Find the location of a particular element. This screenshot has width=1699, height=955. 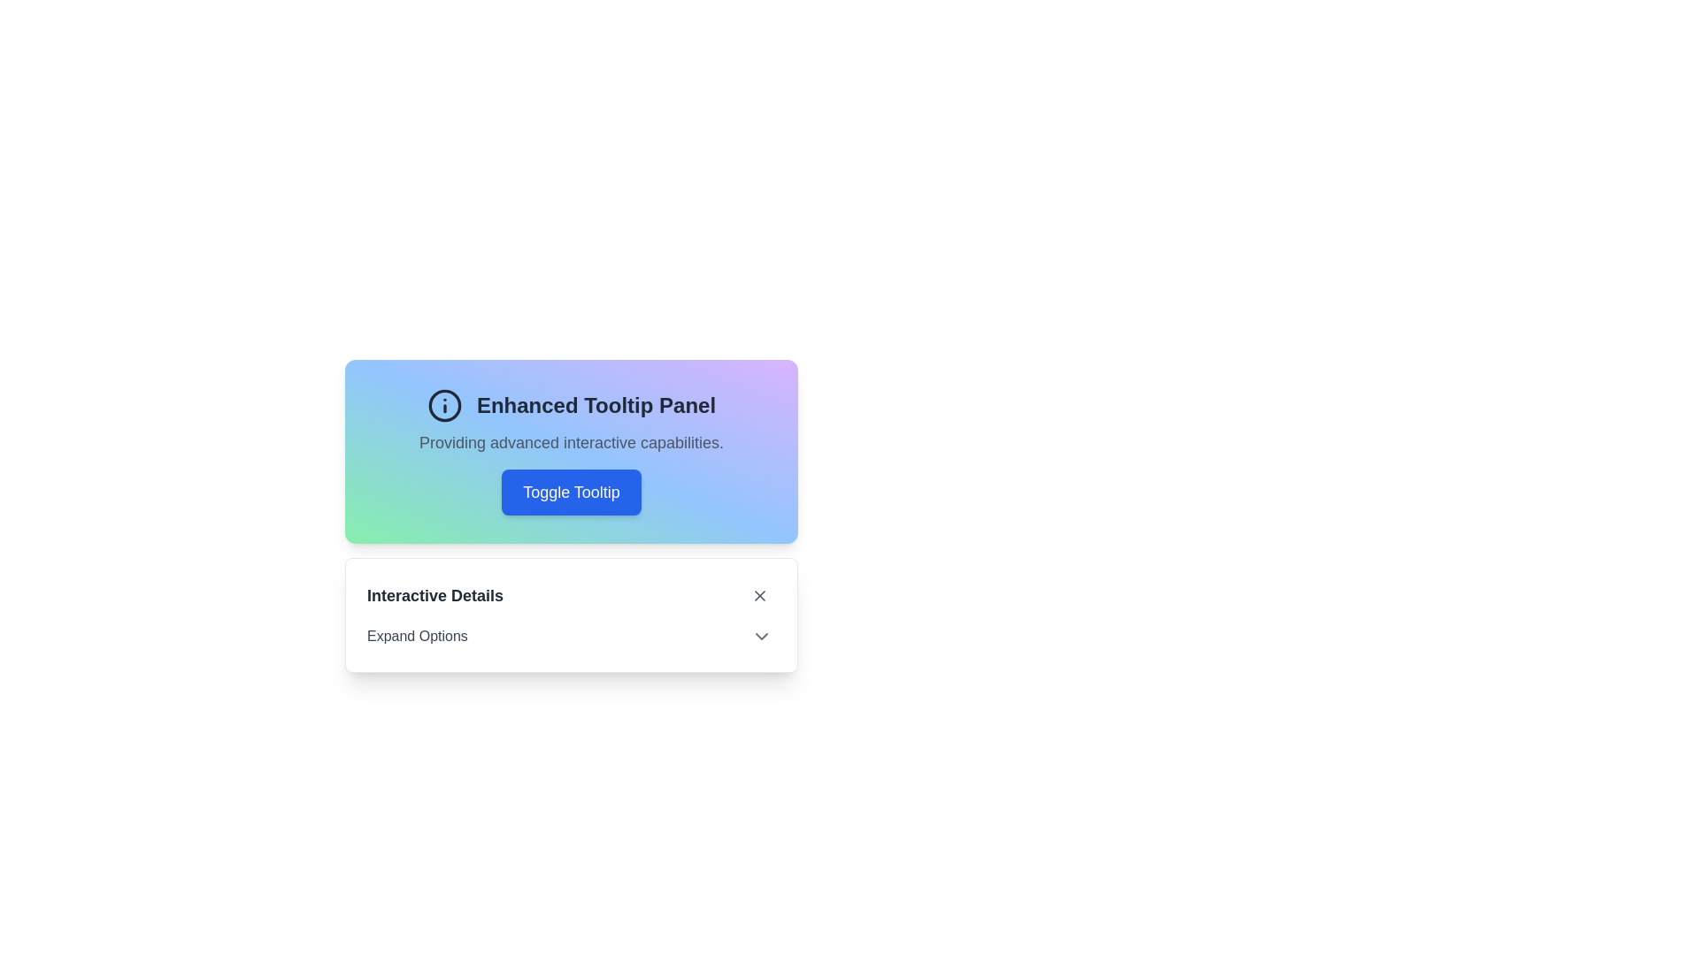

the prominent blue button with white text that reads 'Toggle Tooltip' is located at coordinates (572, 492).